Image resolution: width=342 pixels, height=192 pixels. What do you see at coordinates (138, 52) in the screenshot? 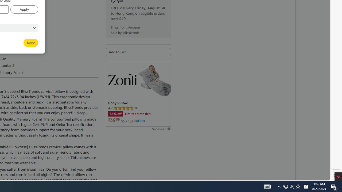
I see `'Add to List'` at bounding box center [138, 52].